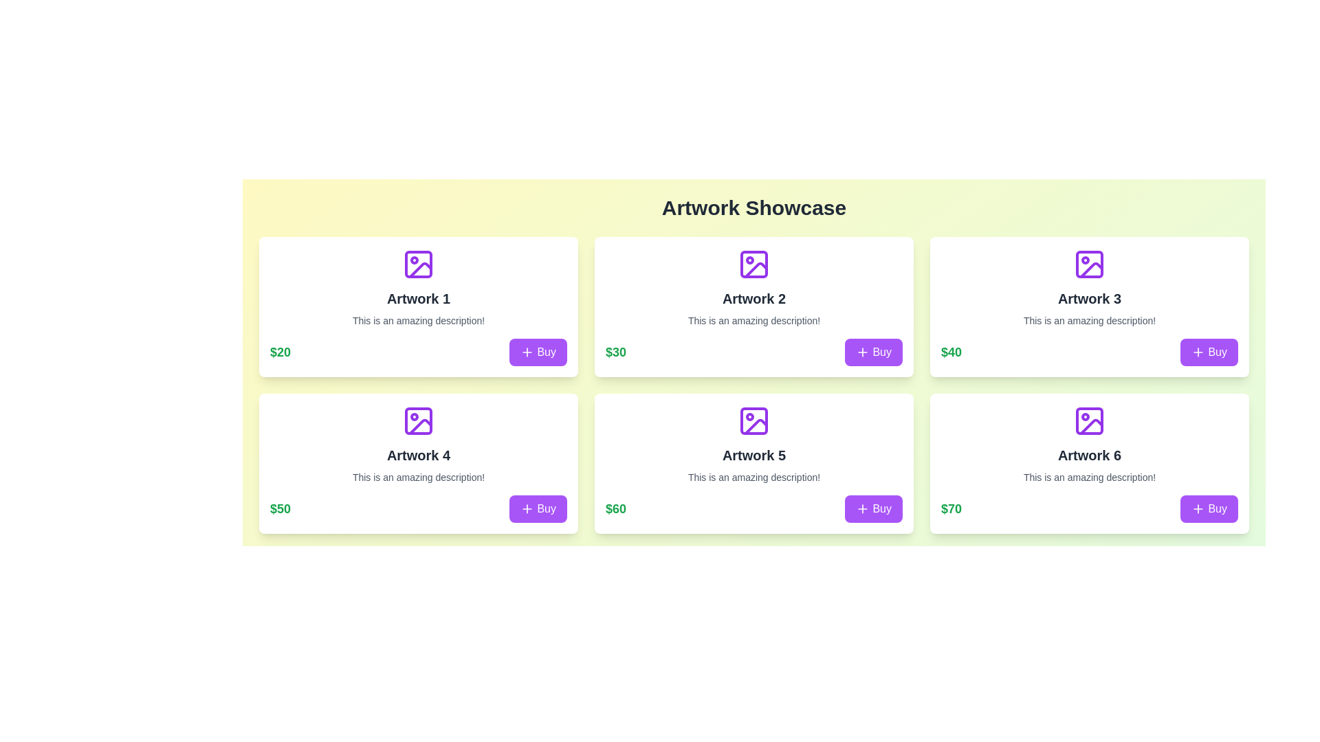 This screenshot has height=742, width=1320. What do you see at coordinates (1088, 420) in the screenshot?
I see `the artwork icon representing 'Artwork 6', which is positioned centrally at the top of the card above the text 'Artwork 6' and below the card's top border` at bounding box center [1088, 420].